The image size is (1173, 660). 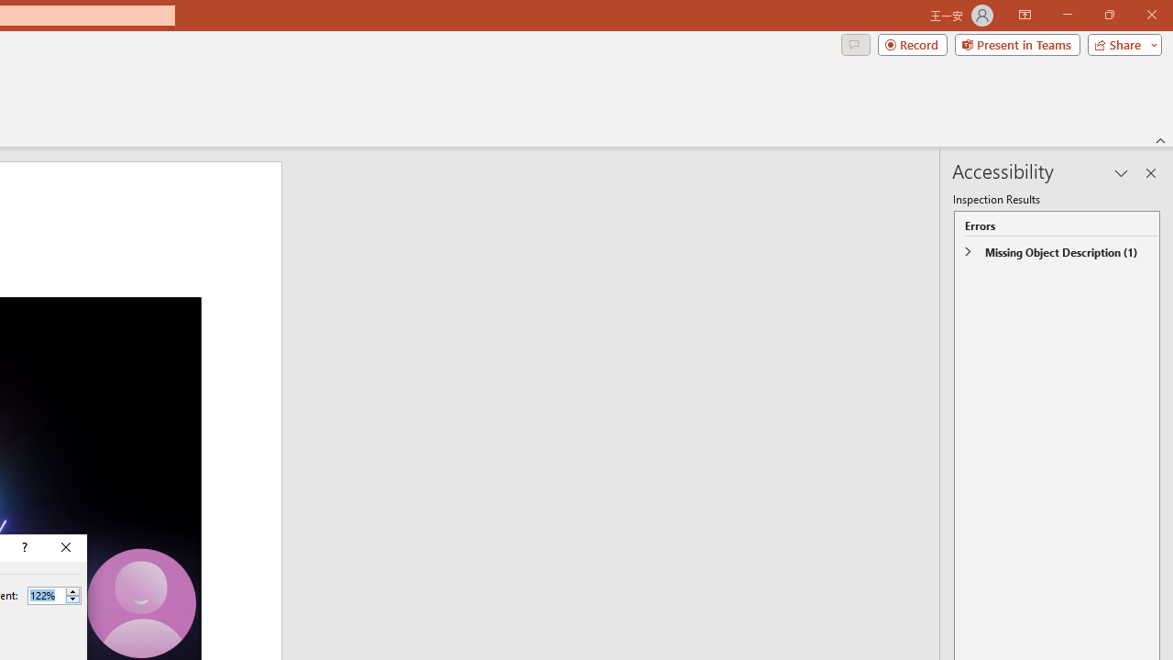 What do you see at coordinates (23, 546) in the screenshot?
I see `'Context help'` at bounding box center [23, 546].